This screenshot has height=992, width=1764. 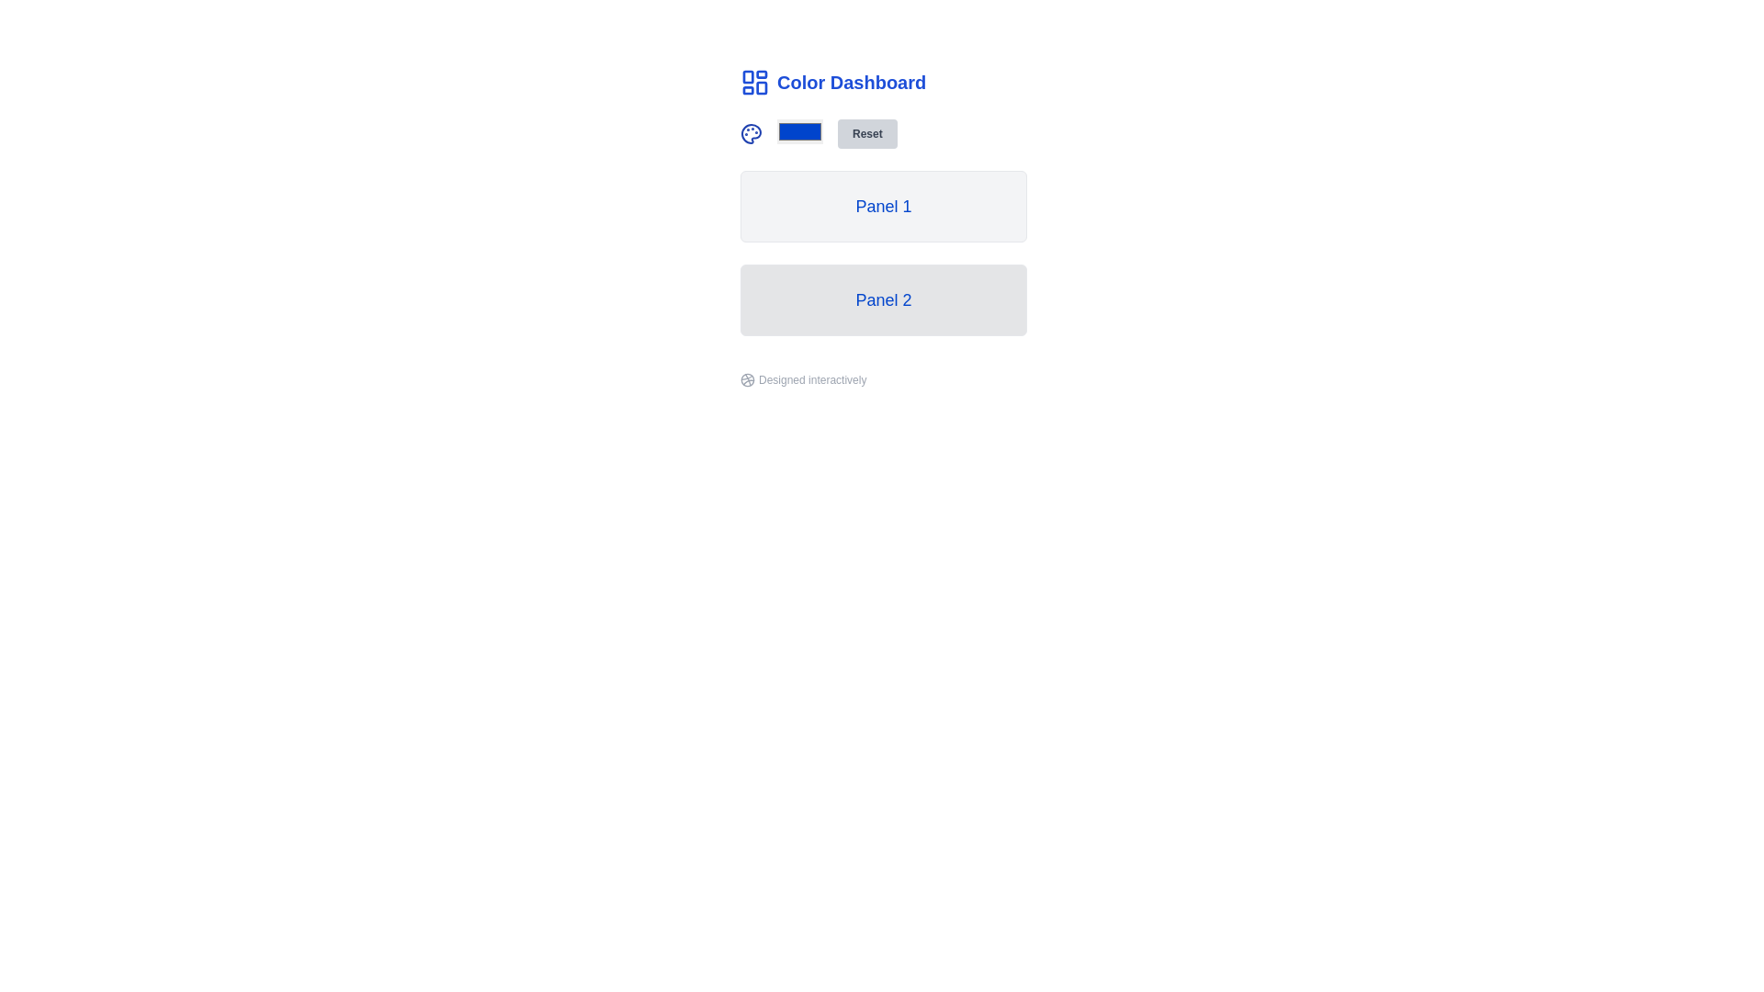 What do you see at coordinates (762, 88) in the screenshot?
I see `the fourth segment icon of the 'Color Dashboard' in the application layout, which is located near the top-left corner and contributes to the dashboard theme` at bounding box center [762, 88].